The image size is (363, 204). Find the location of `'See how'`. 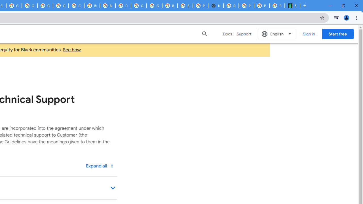

'See how' is located at coordinates (71, 50).